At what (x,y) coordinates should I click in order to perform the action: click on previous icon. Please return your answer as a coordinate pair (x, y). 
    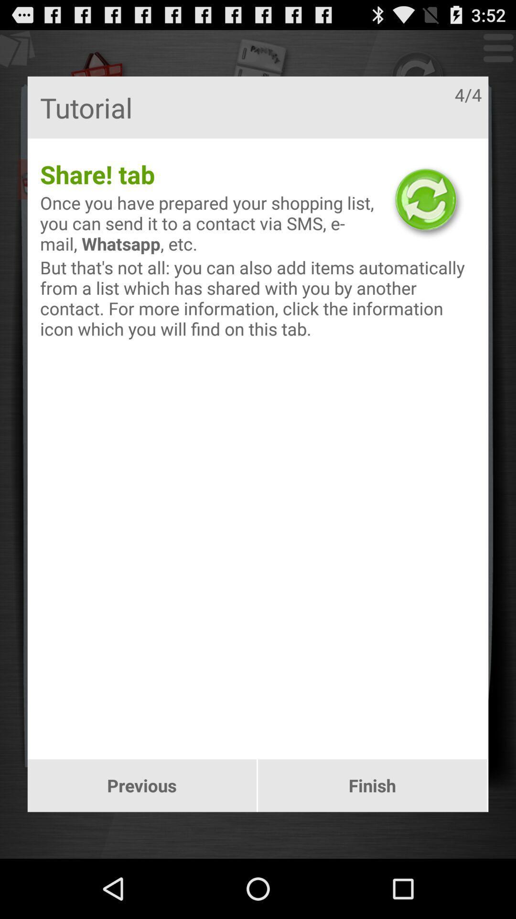
    Looking at the image, I should click on (142, 785).